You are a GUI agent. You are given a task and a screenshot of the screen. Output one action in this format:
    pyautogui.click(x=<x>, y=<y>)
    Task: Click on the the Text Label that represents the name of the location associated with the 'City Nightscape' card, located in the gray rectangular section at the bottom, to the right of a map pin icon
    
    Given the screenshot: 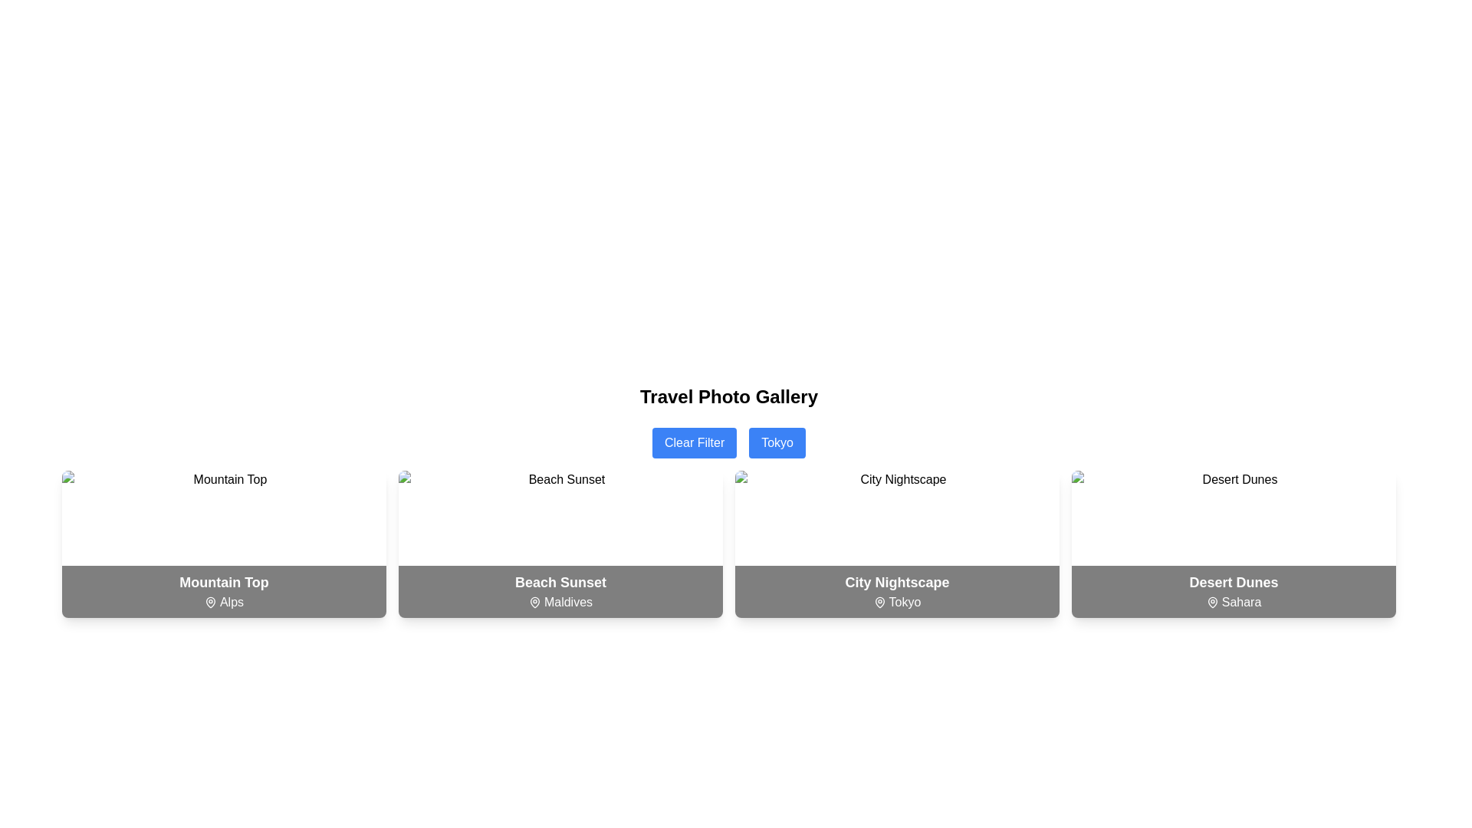 What is the action you would take?
    pyautogui.click(x=897, y=602)
    